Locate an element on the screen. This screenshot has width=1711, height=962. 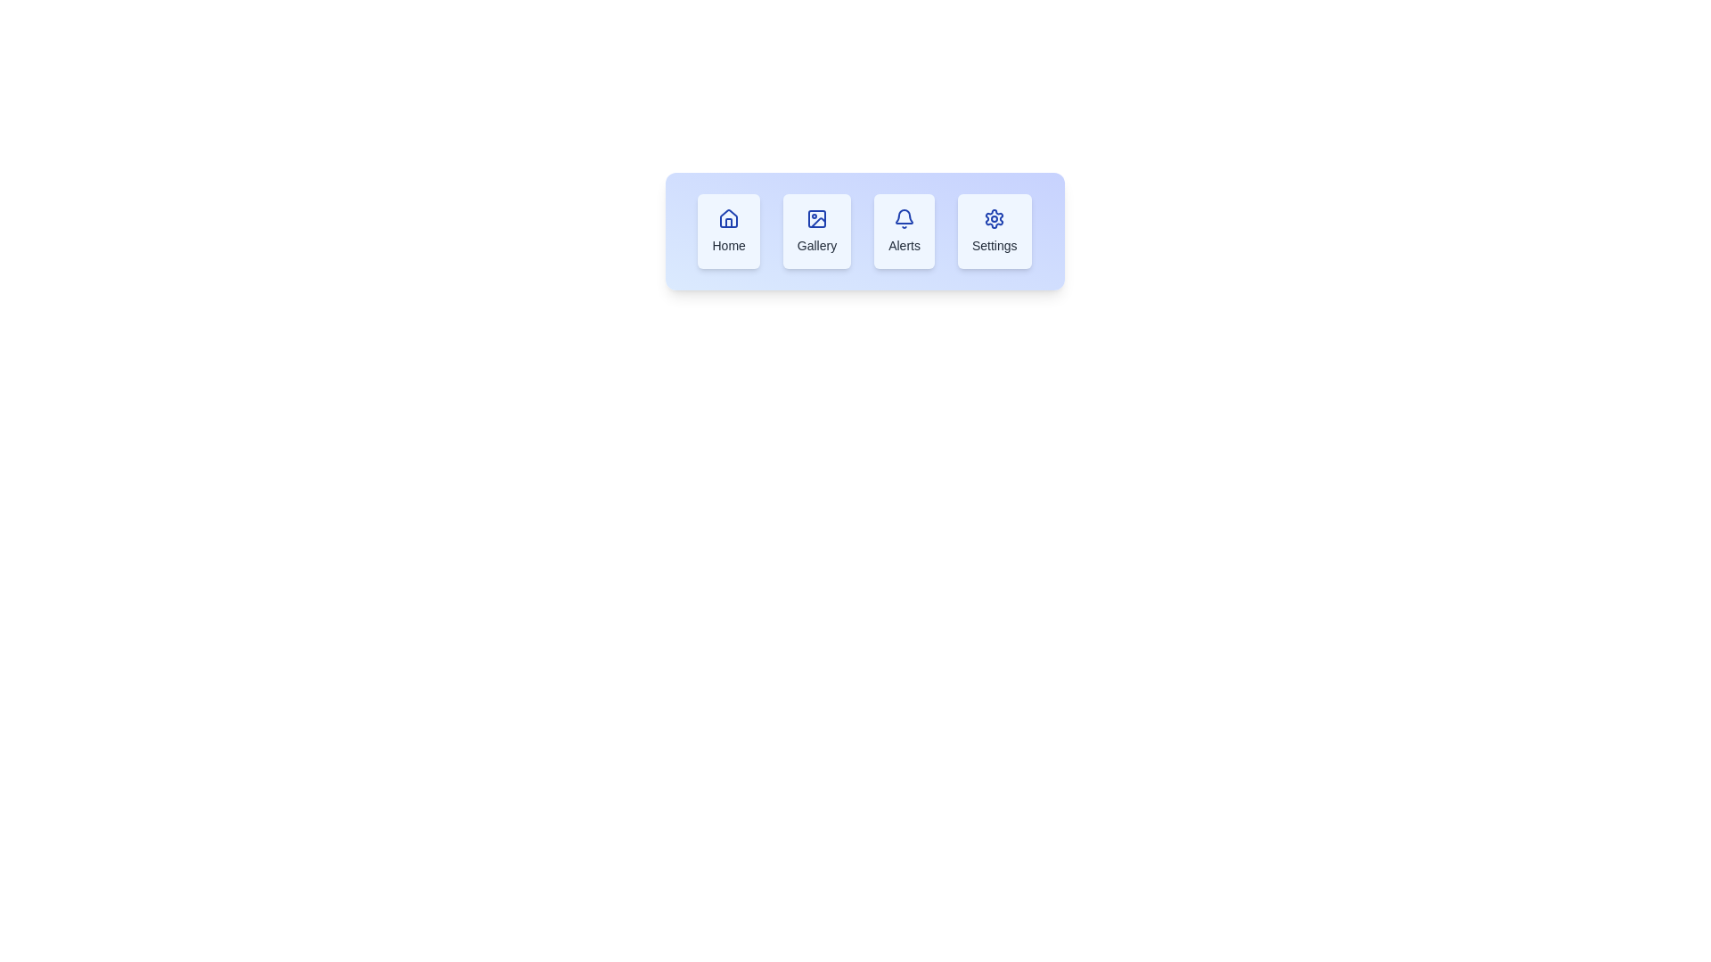
the Decorative SVG shape, which is a square with rounded corners filled with light blue and outlined in blue, located within the second icon from the left under the 'Gallery' label is located at coordinates (815, 218).